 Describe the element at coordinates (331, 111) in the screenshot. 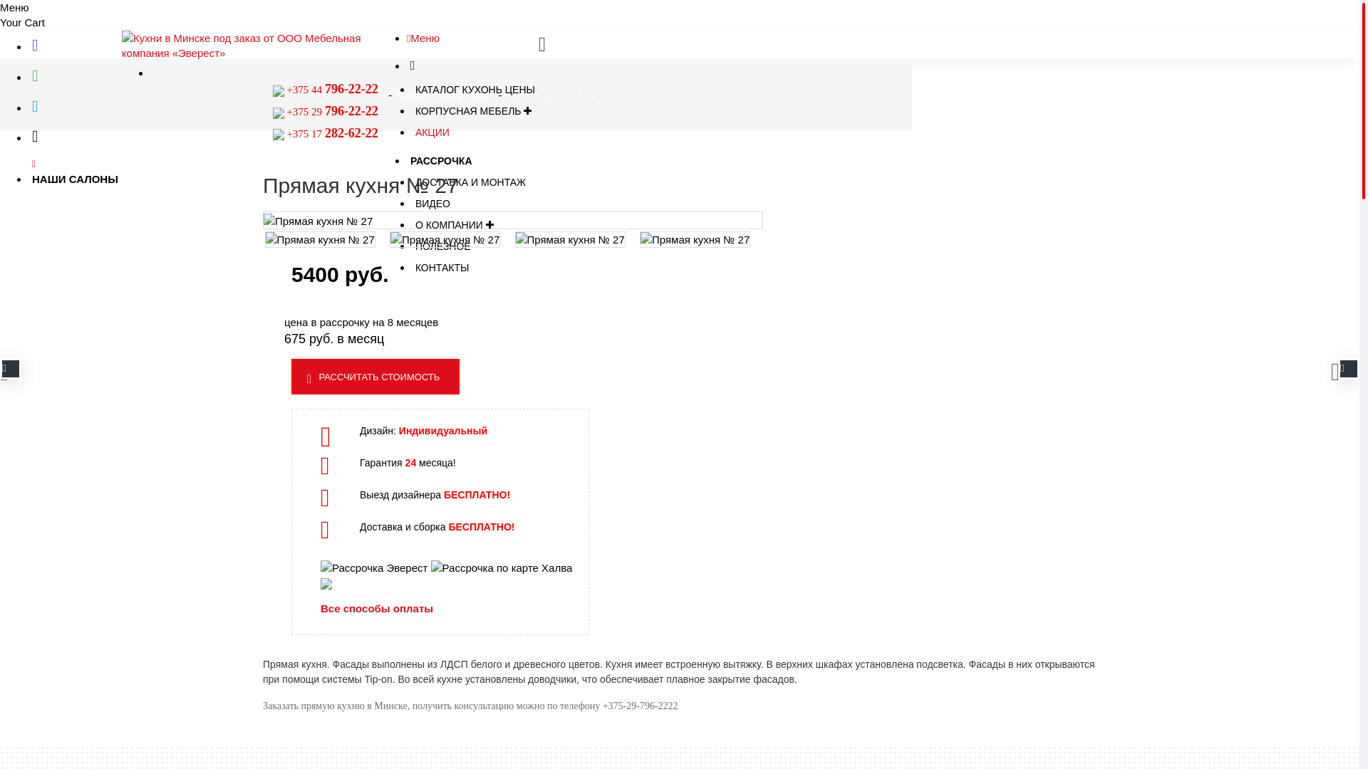

I see `'+375 29 796-22-22'` at that location.